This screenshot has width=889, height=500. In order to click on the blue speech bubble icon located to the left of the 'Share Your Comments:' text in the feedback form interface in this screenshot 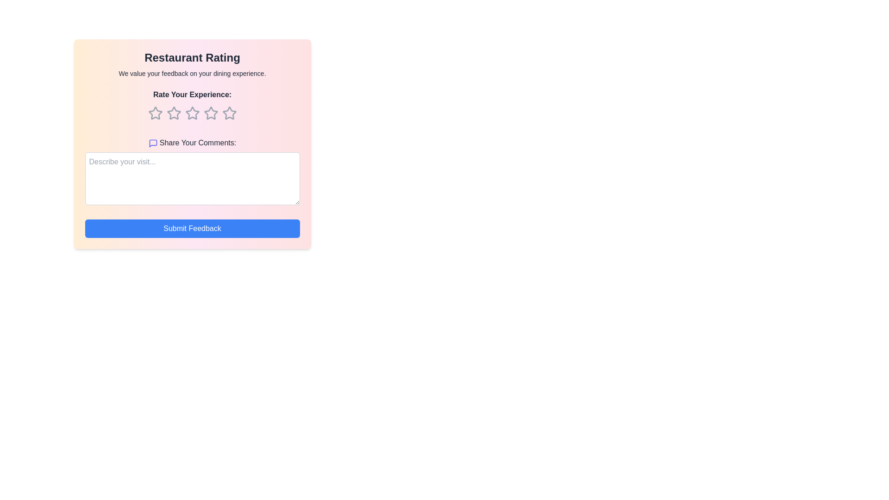, I will do `click(153, 143)`.